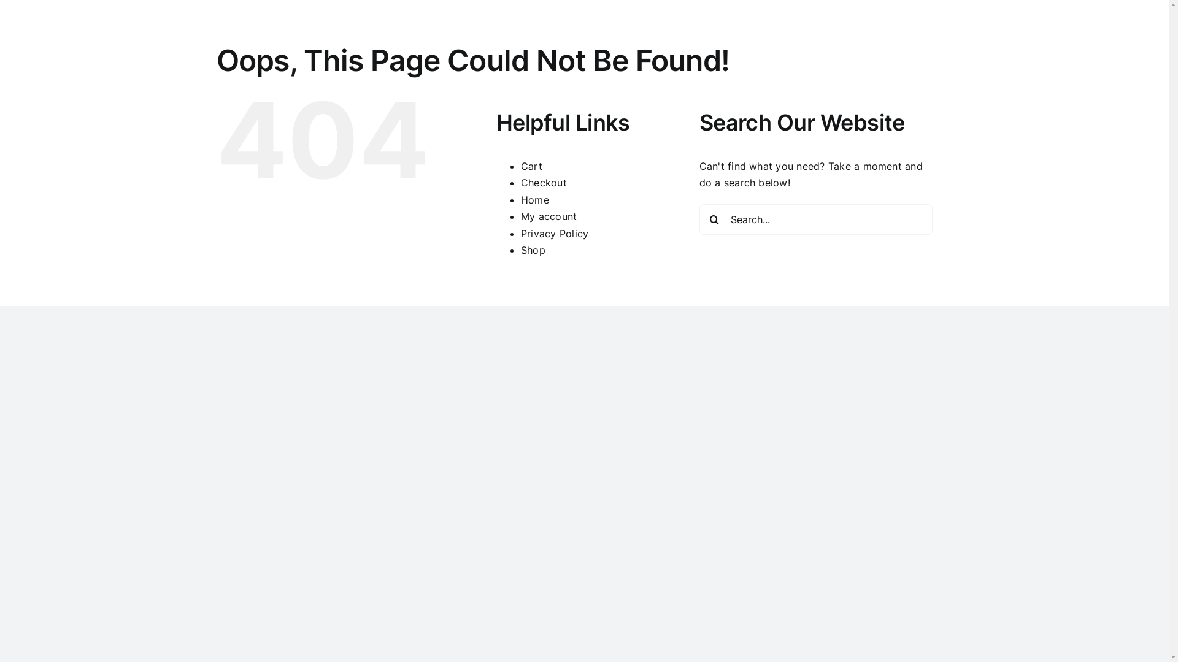  I want to click on 'Shop', so click(533, 249).